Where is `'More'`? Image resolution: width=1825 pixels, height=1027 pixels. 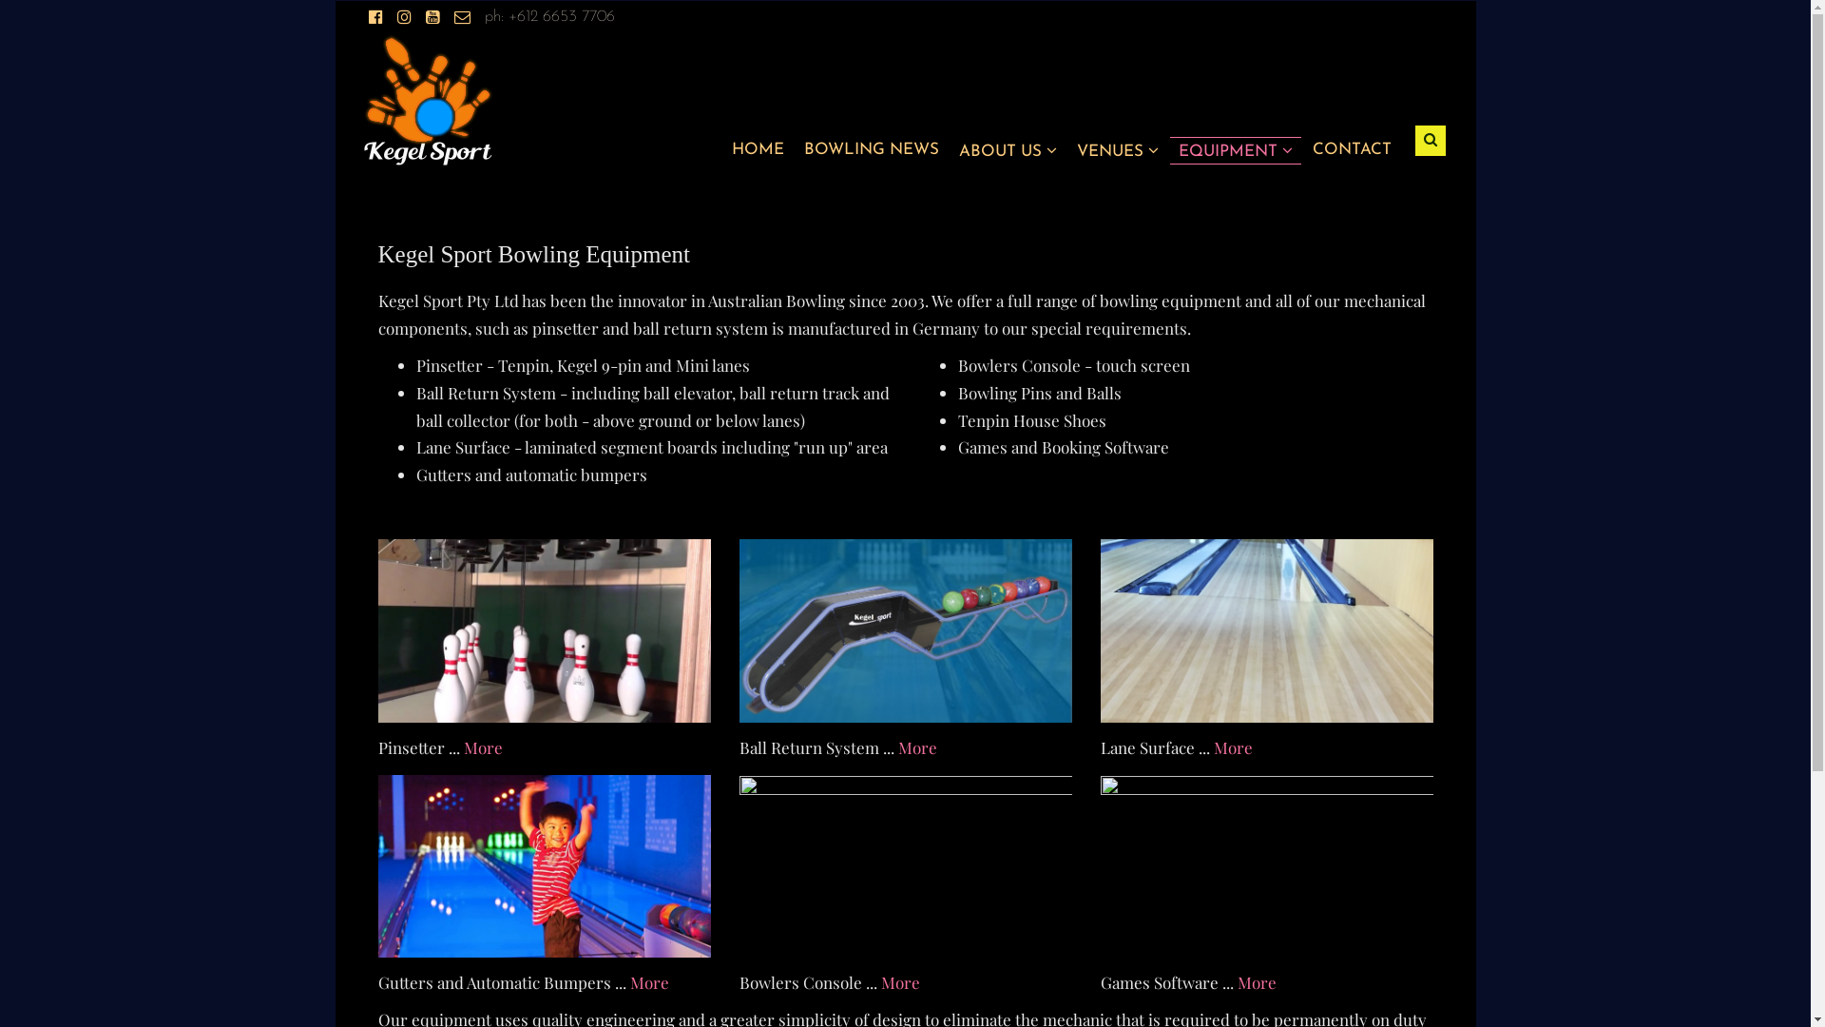
'More' is located at coordinates (629, 982).